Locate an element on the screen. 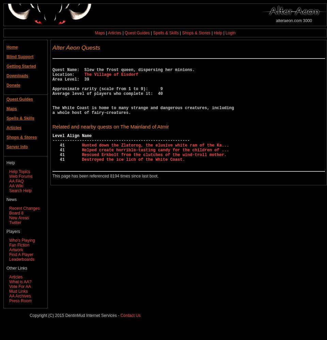  'Find A Player' is located at coordinates (9, 254).